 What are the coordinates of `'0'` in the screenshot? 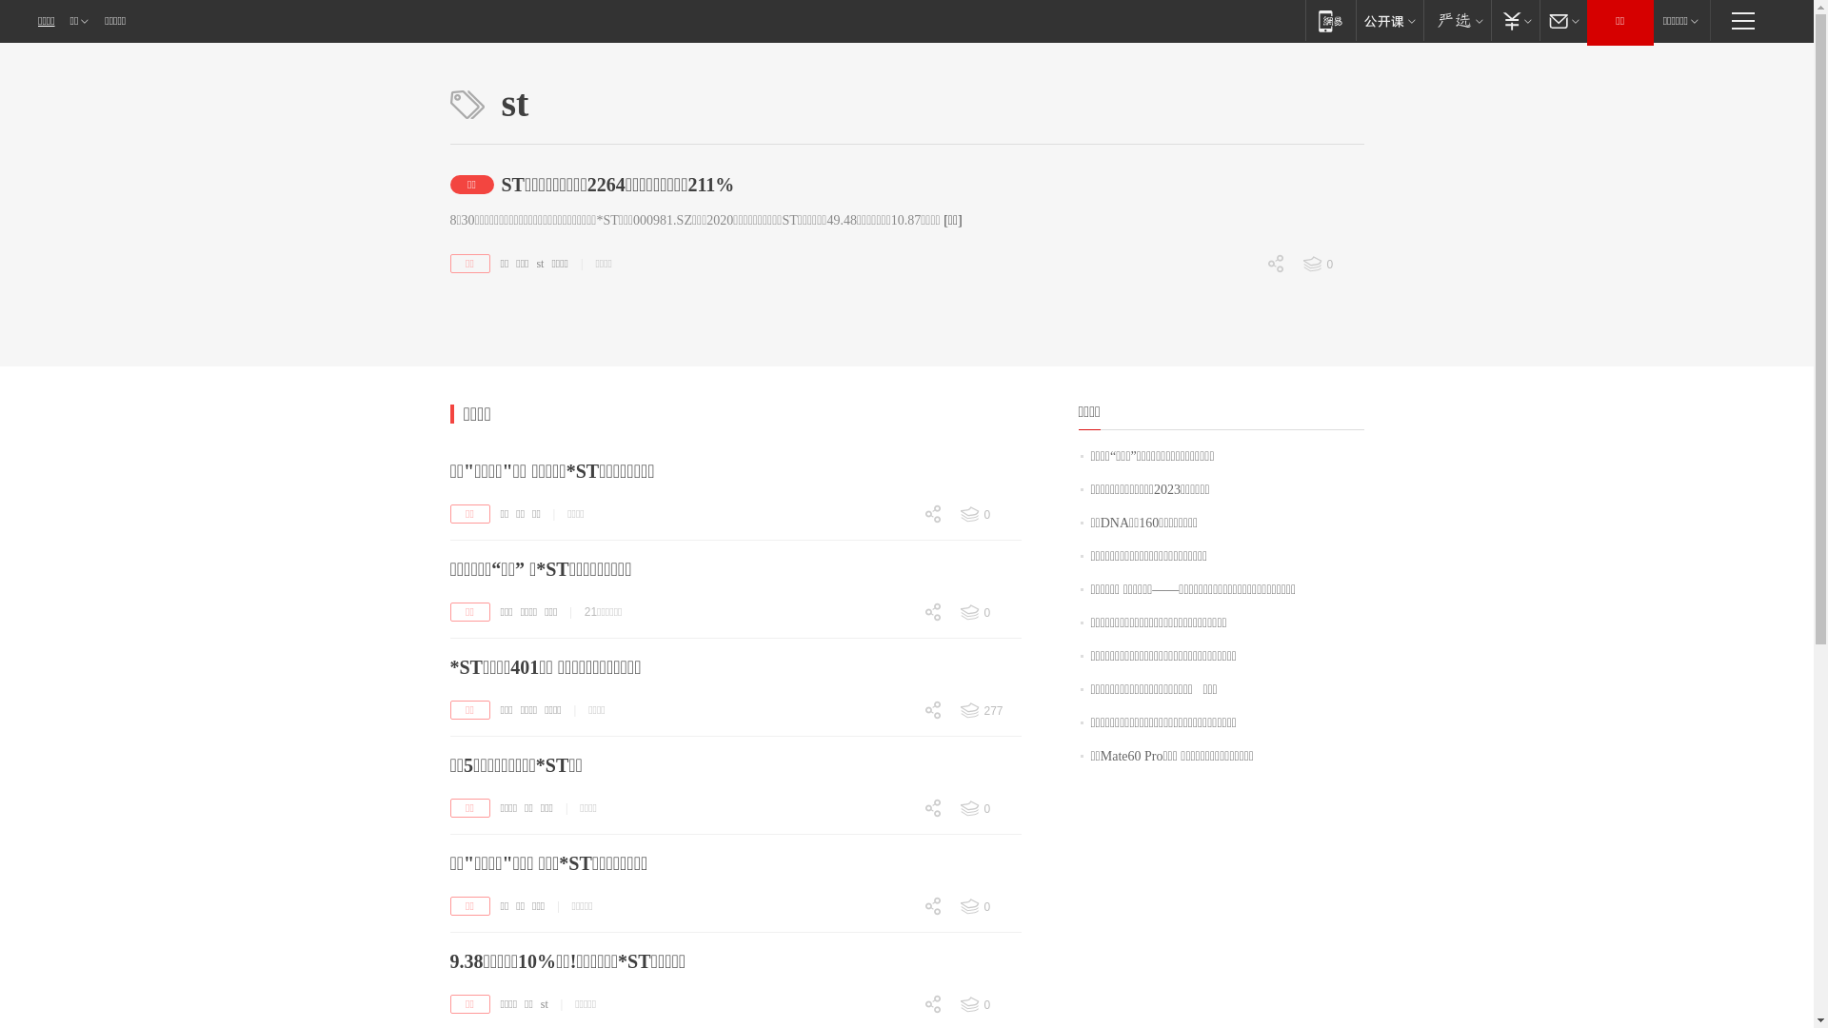 It's located at (894, 547).